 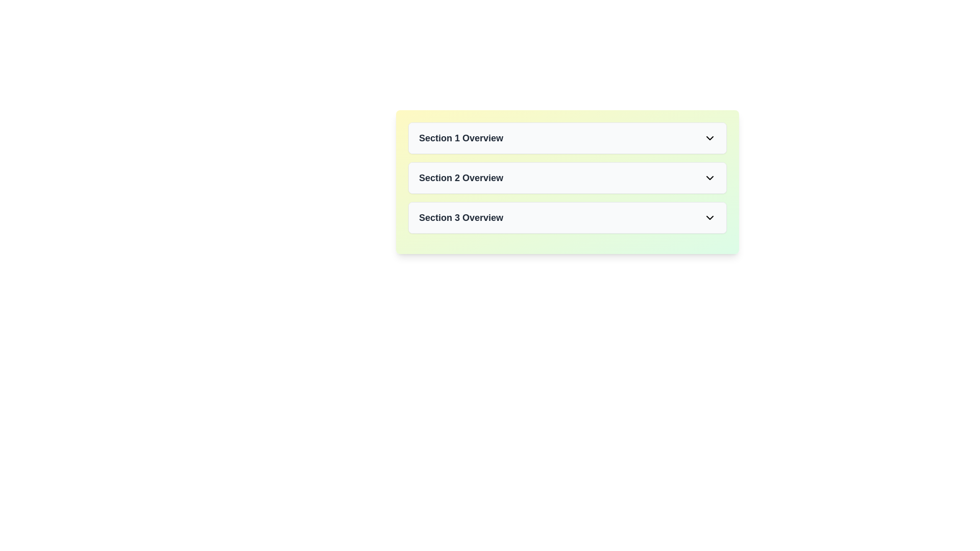 I want to click on the text label 'Section 2 Overview', which is a bold, dark gray label on a white background, positioned within the second section header, so click(x=460, y=177).